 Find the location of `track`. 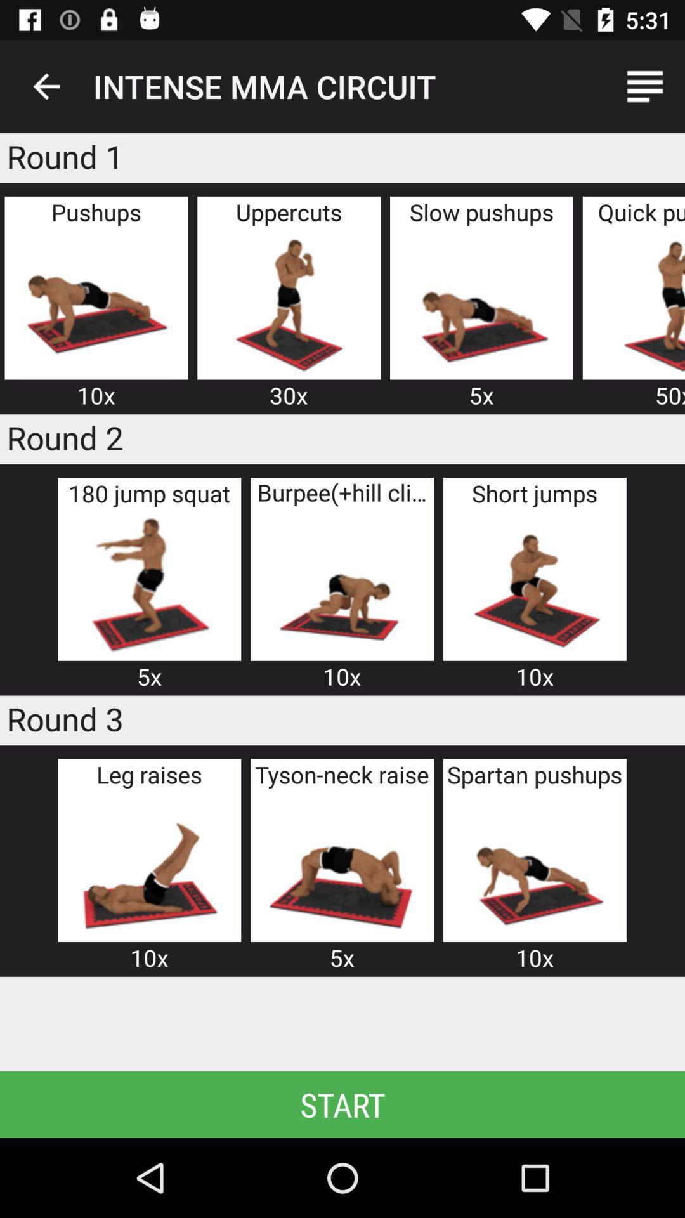

track is located at coordinates (148, 865).